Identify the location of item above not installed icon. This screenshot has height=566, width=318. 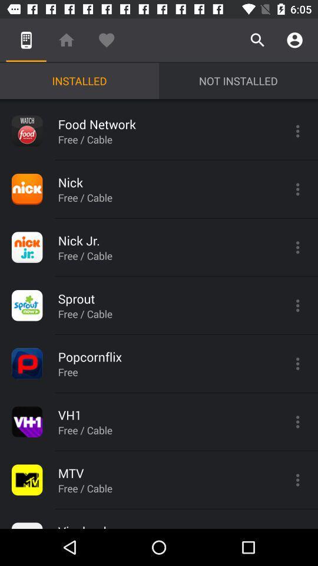
(257, 40).